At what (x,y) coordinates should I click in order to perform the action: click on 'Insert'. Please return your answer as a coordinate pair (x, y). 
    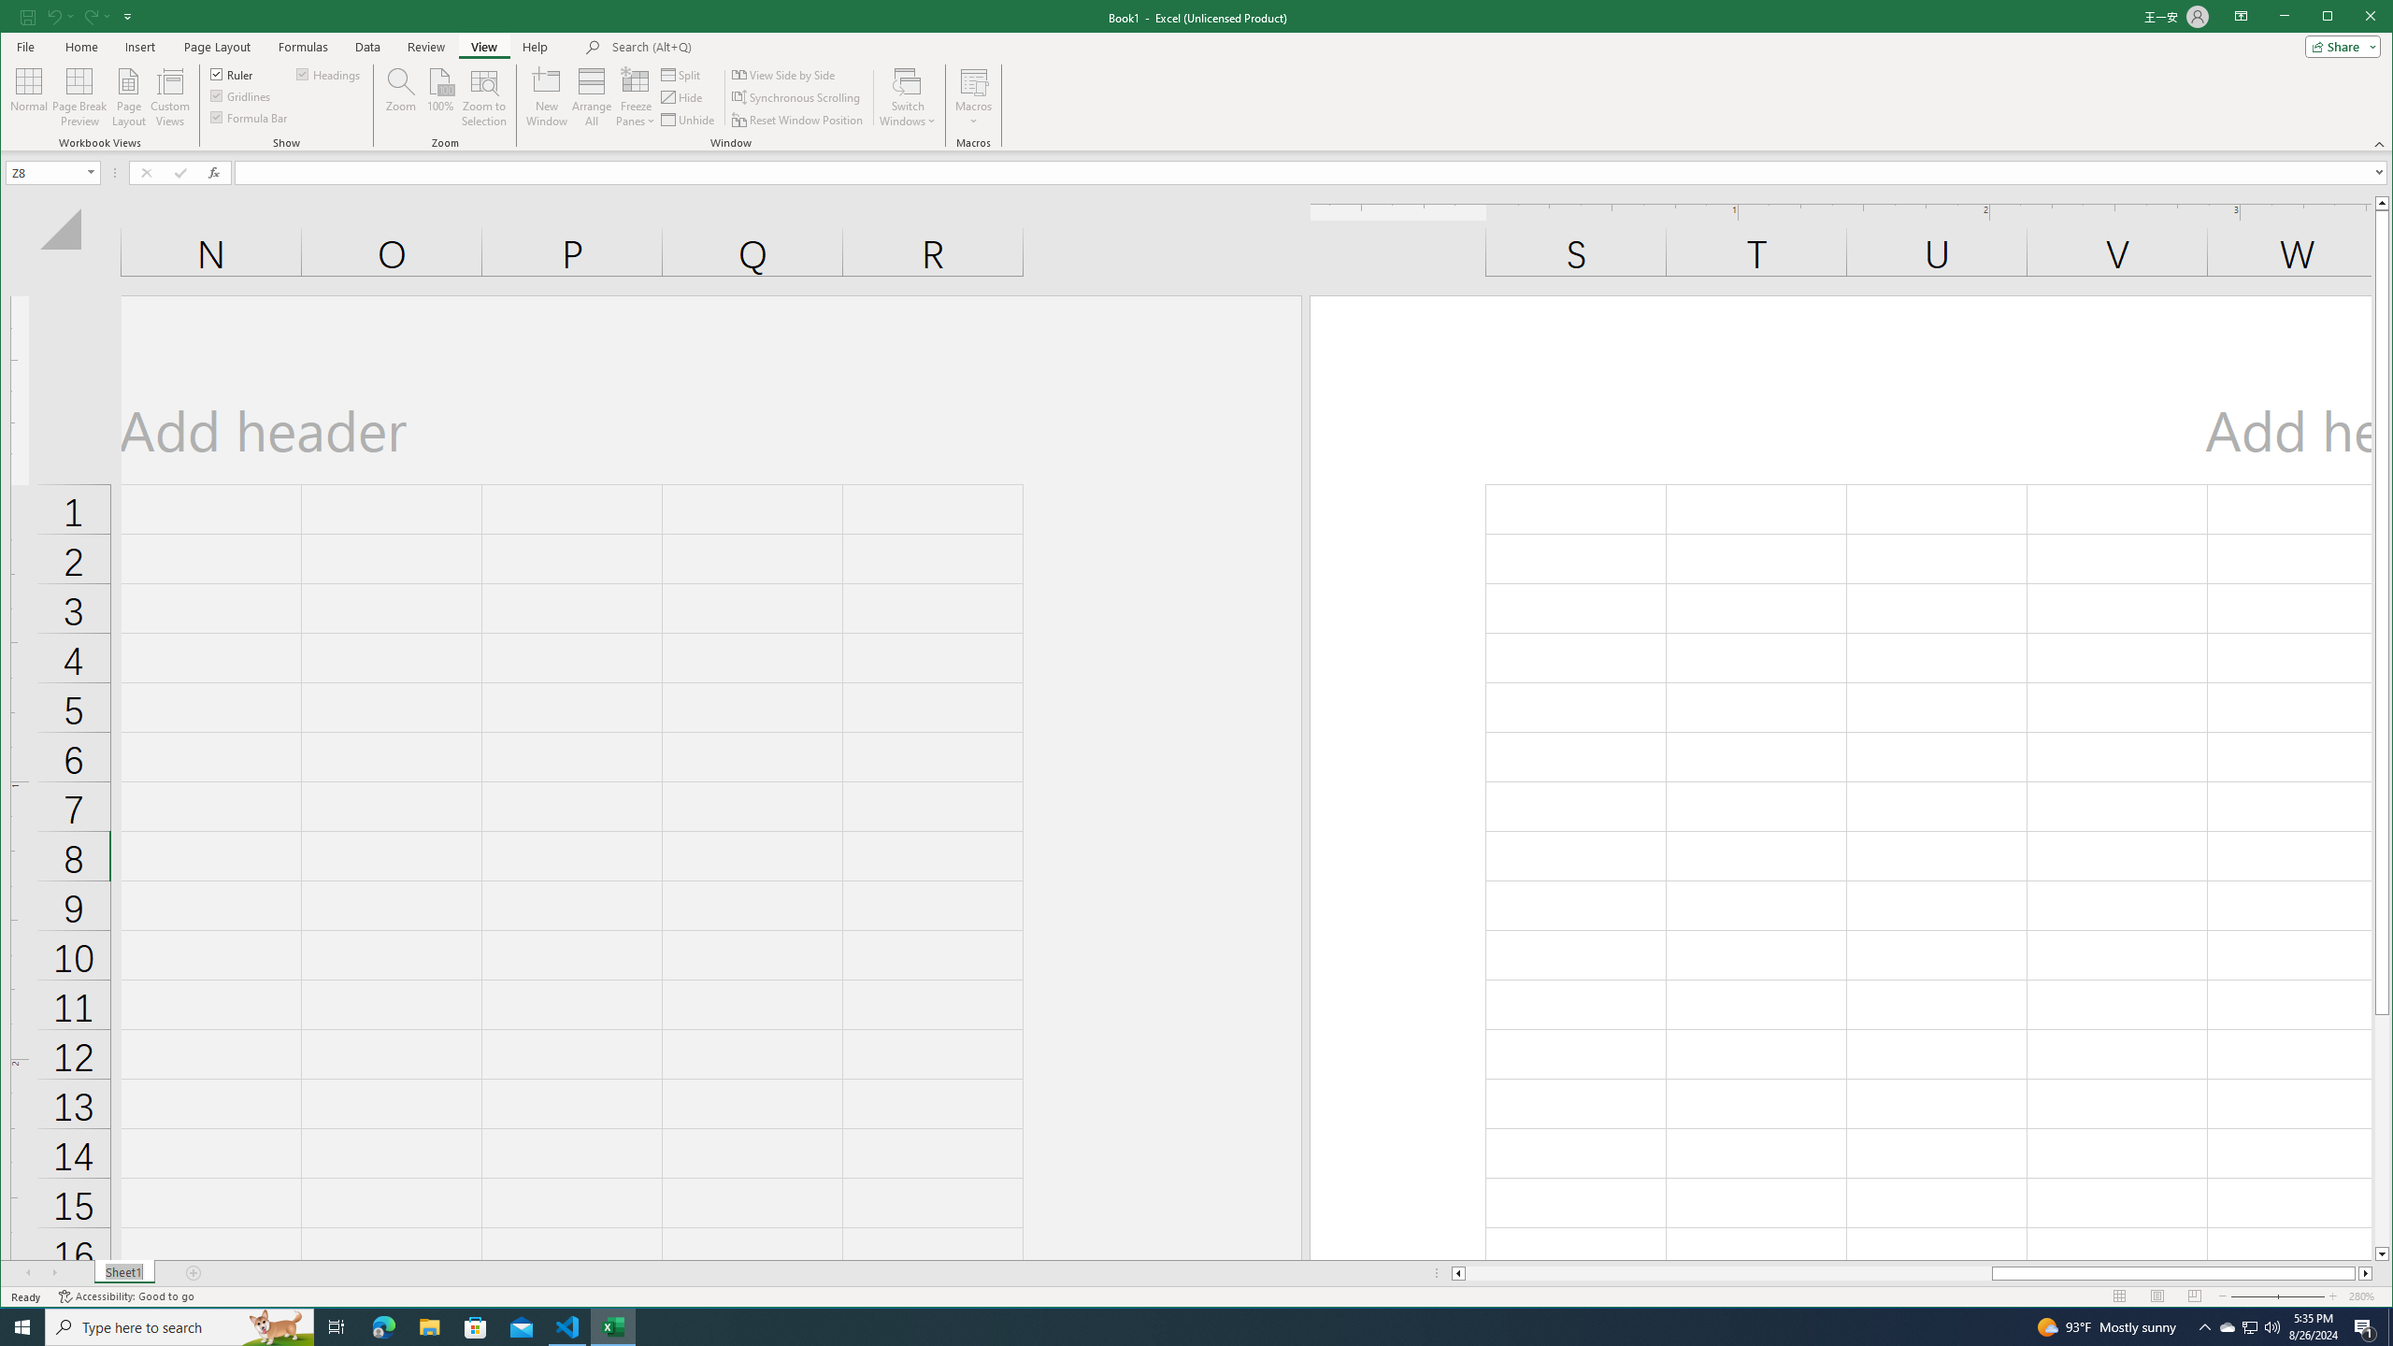
    Looking at the image, I should click on (140, 46).